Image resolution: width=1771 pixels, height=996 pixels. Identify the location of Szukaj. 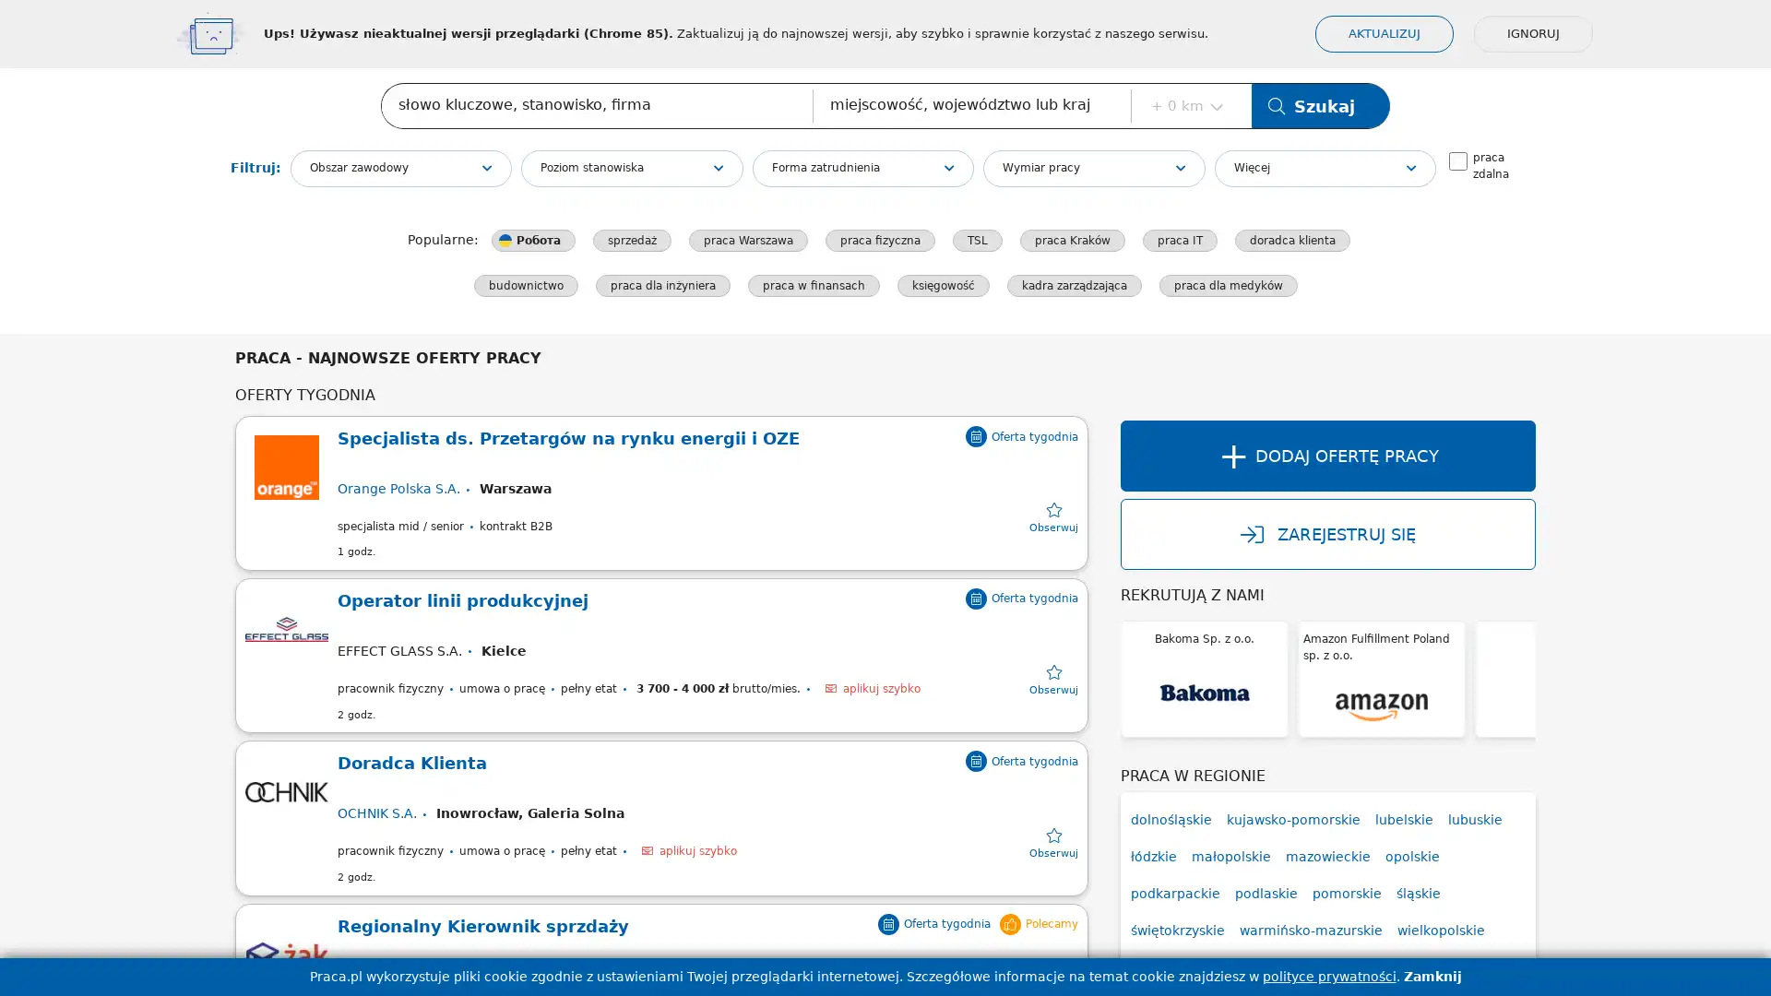
(1319, 106).